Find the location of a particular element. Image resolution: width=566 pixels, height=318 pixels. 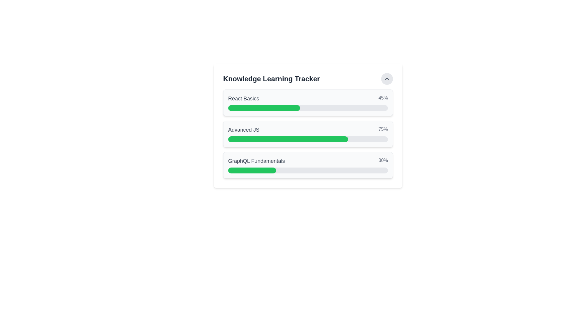

the progress bar of the Progress card representing the user's learning in 'Advanced JS' is located at coordinates (308, 134).